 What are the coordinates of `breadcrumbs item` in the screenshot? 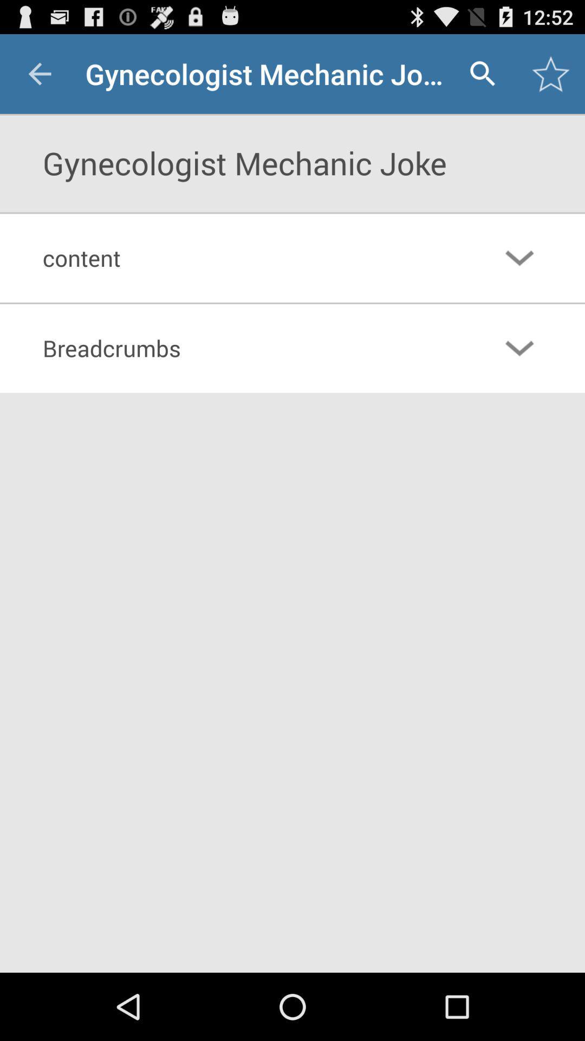 It's located at (248, 348).